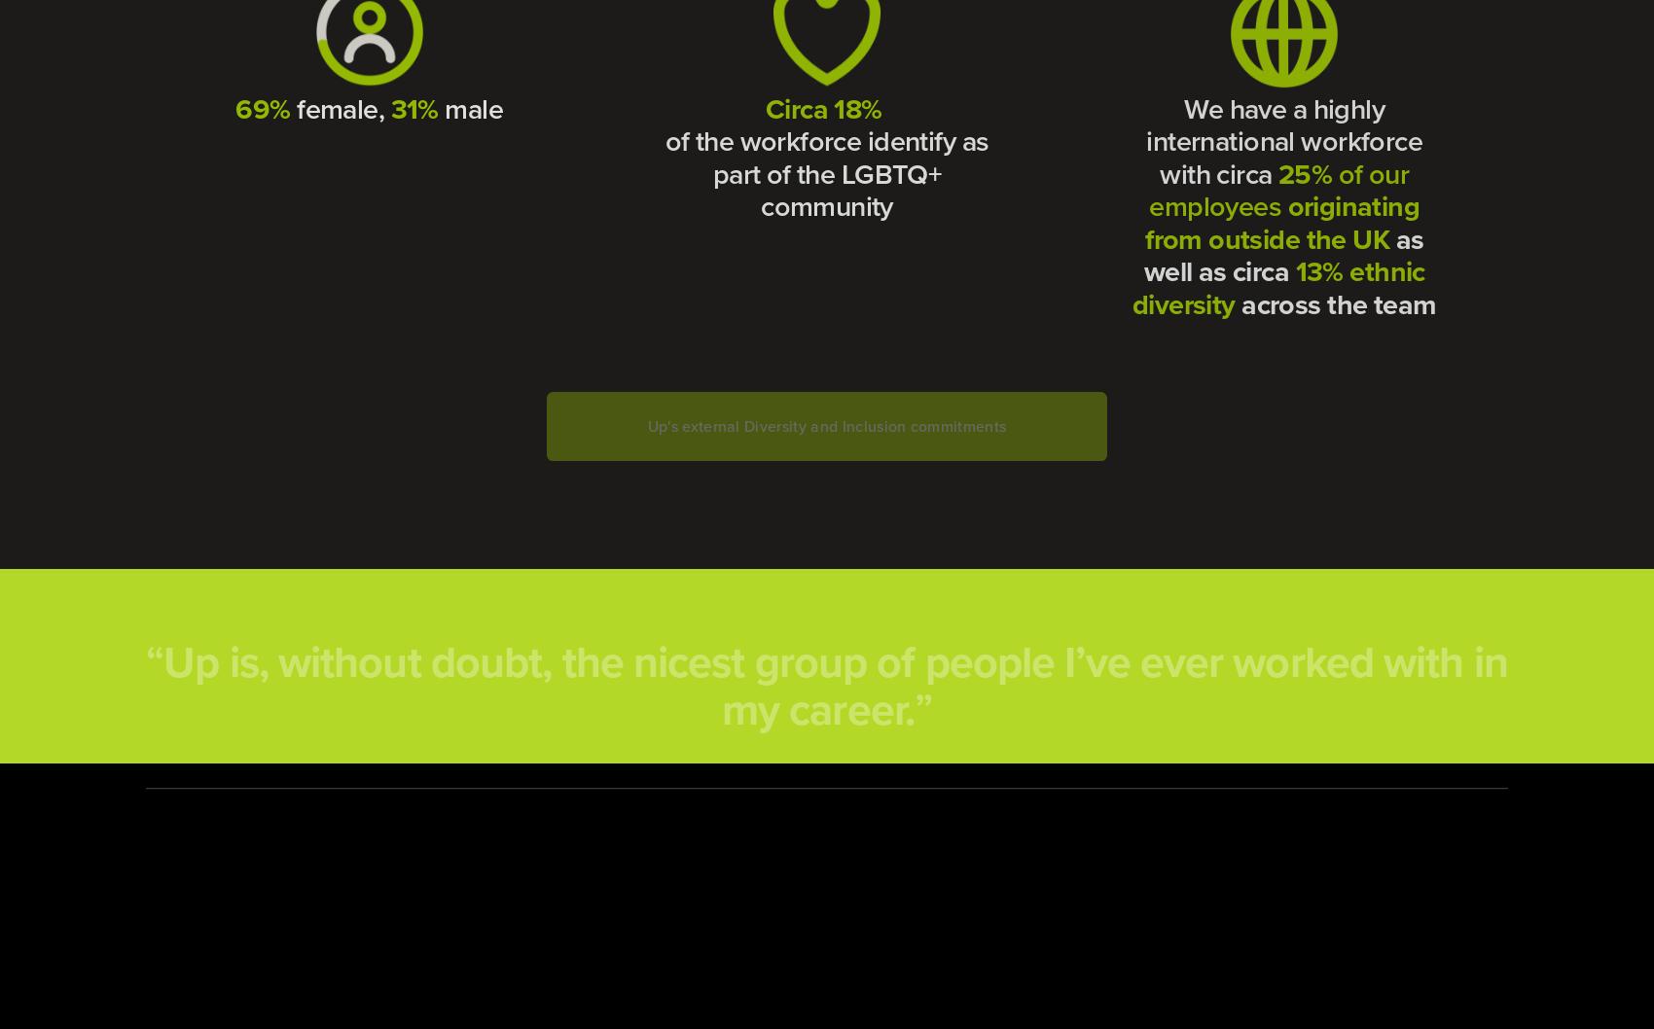 This screenshot has width=1654, height=1029. I want to click on '69%', so click(262, 106).